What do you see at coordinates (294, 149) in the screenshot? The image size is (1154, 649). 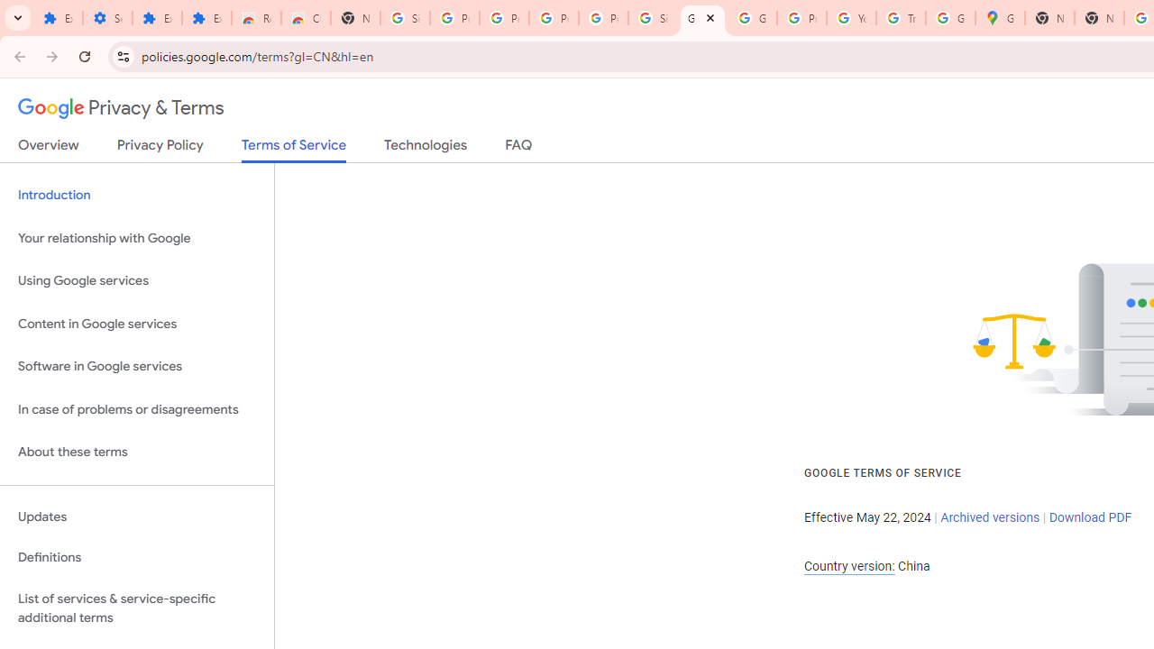 I see `'Terms of Service'` at bounding box center [294, 149].